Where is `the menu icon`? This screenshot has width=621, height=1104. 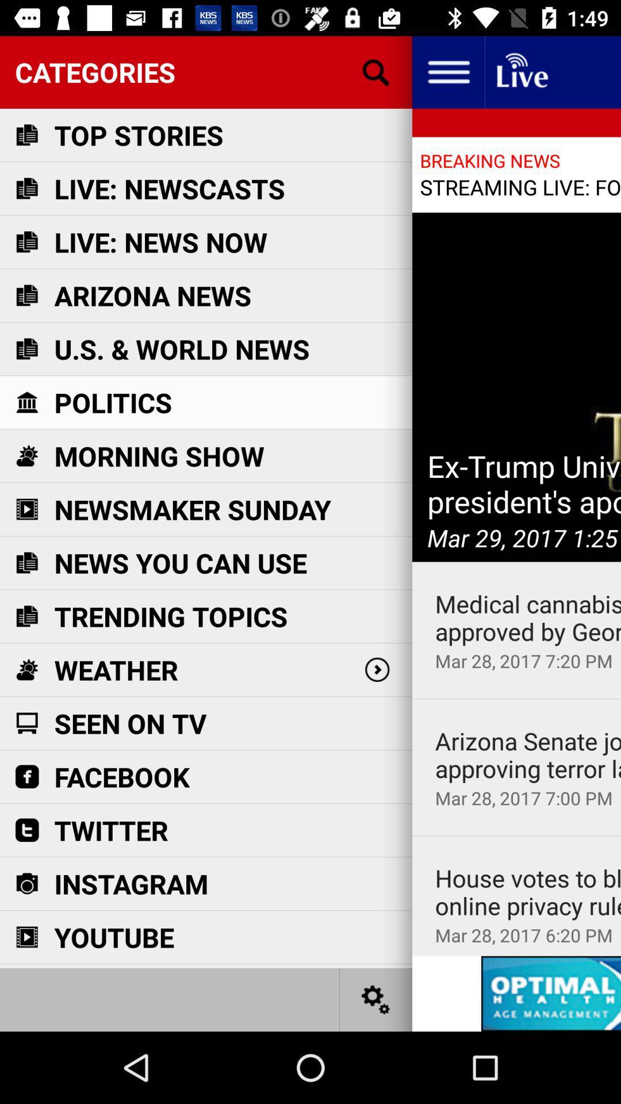 the menu icon is located at coordinates (447, 71).